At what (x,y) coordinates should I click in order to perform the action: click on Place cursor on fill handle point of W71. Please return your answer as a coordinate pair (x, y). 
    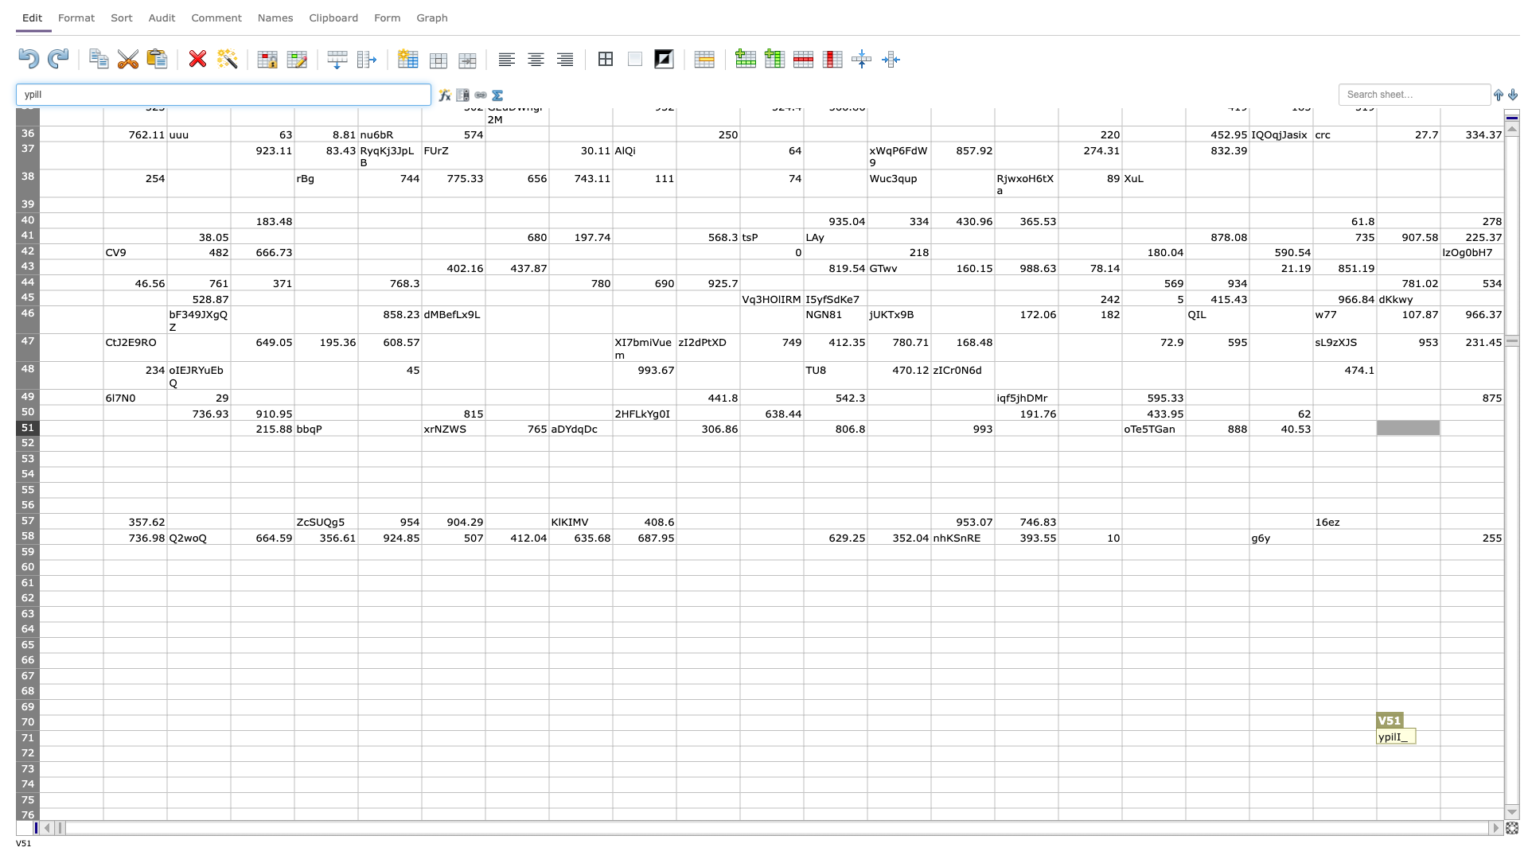
    Looking at the image, I should click on (1503, 745).